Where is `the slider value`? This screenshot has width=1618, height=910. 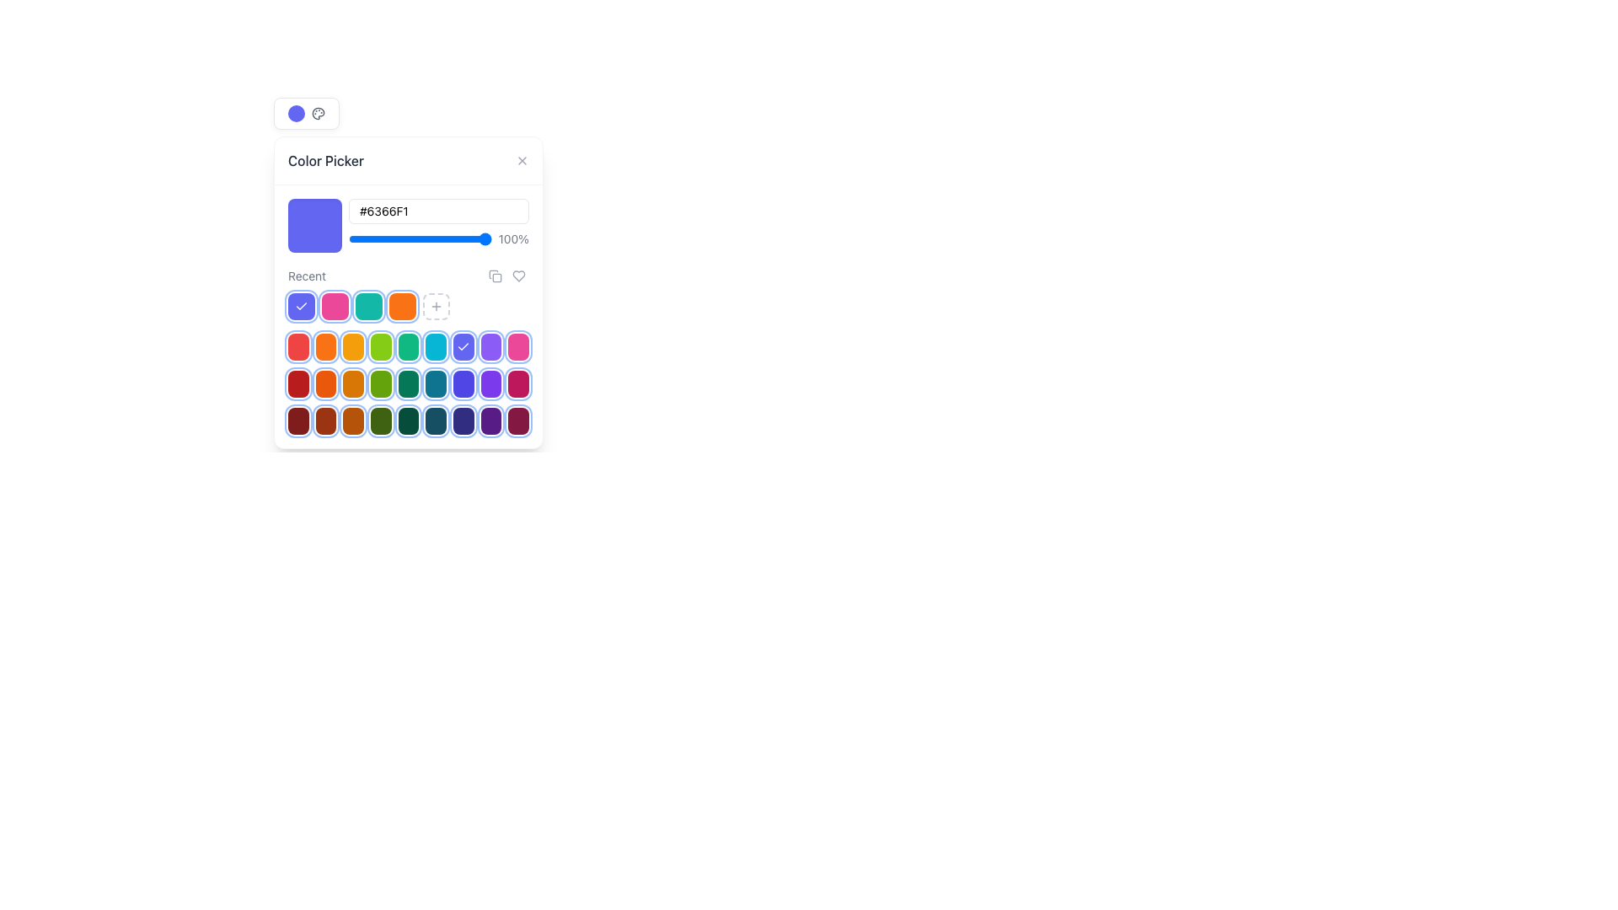 the slider value is located at coordinates (356, 239).